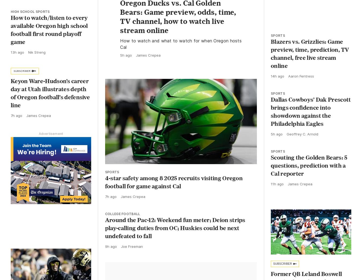 The width and height of the screenshot is (362, 280). What do you see at coordinates (310, 116) in the screenshot?
I see `'Dallas Cowboys’ Dak Prescott brings confidence into showdown against the Philadelphia Eagles'` at bounding box center [310, 116].